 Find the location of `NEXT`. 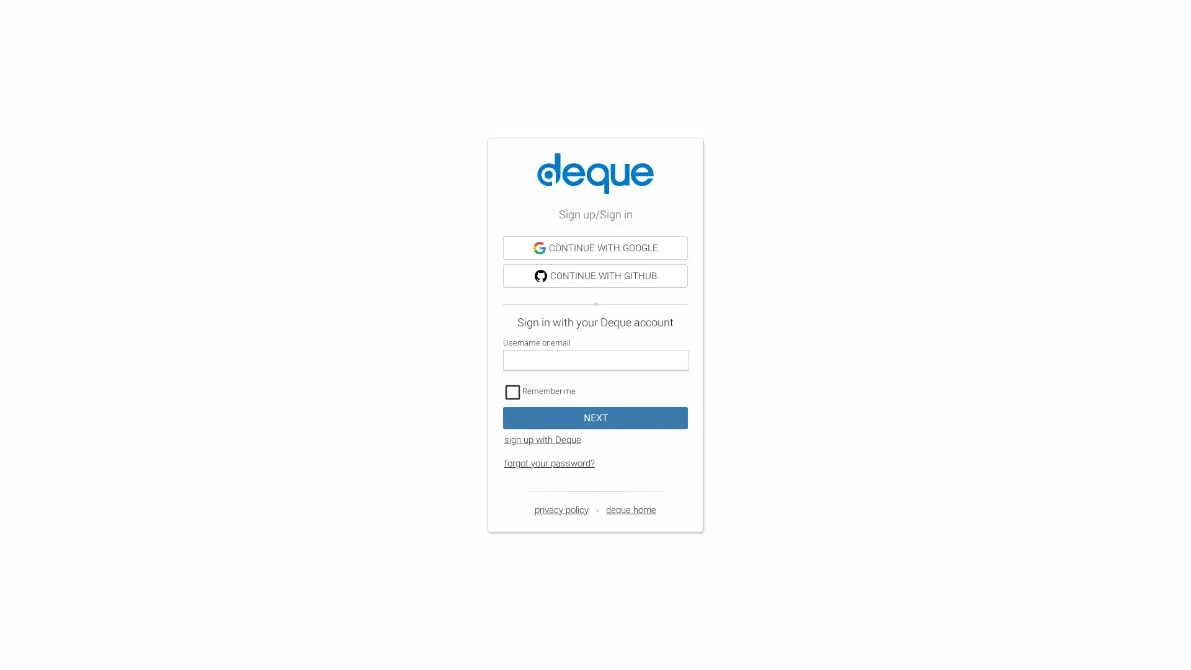

NEXT is located at coordinates (595, 418).